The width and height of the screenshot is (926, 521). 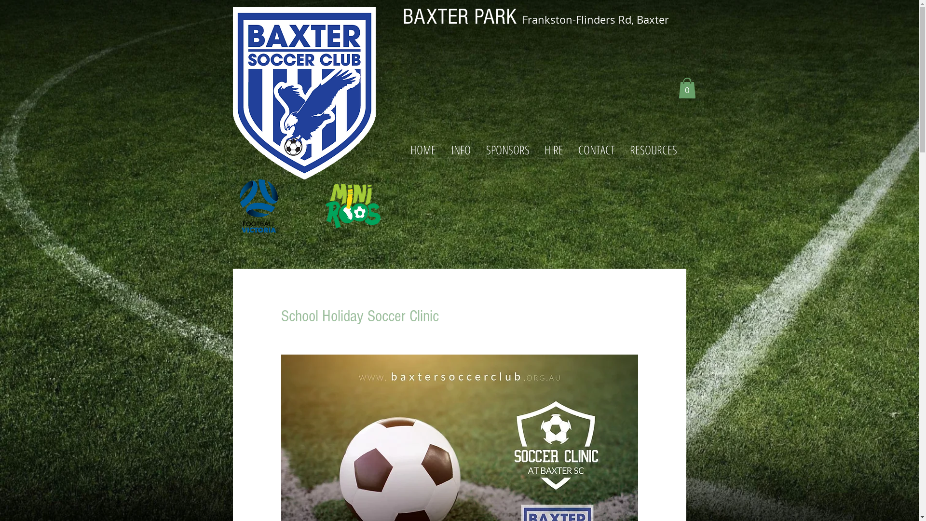 What do you see at coordinates (554, 152) in the screenshot?
I see `'HIRE'` at bounding box center [554, 152].